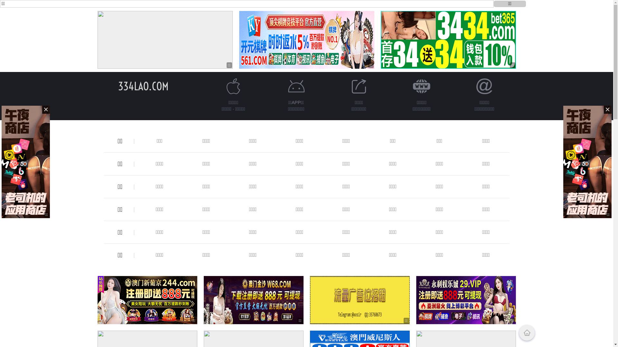 The height and width of the screenshot is (347, 618). Describe the element at coordinates (143, 86) in the screenshot. I see `'334LAO.COM'` at that location.